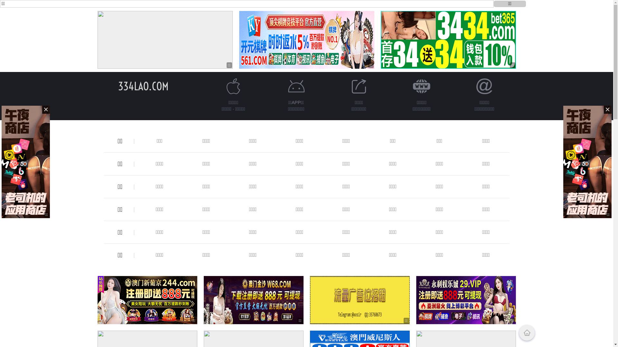 The height and width of the screenshot is (347, 618). Describe the element at coordinates (143, 86) in the screenshot. I see `'334LAO.COM'` at that location.